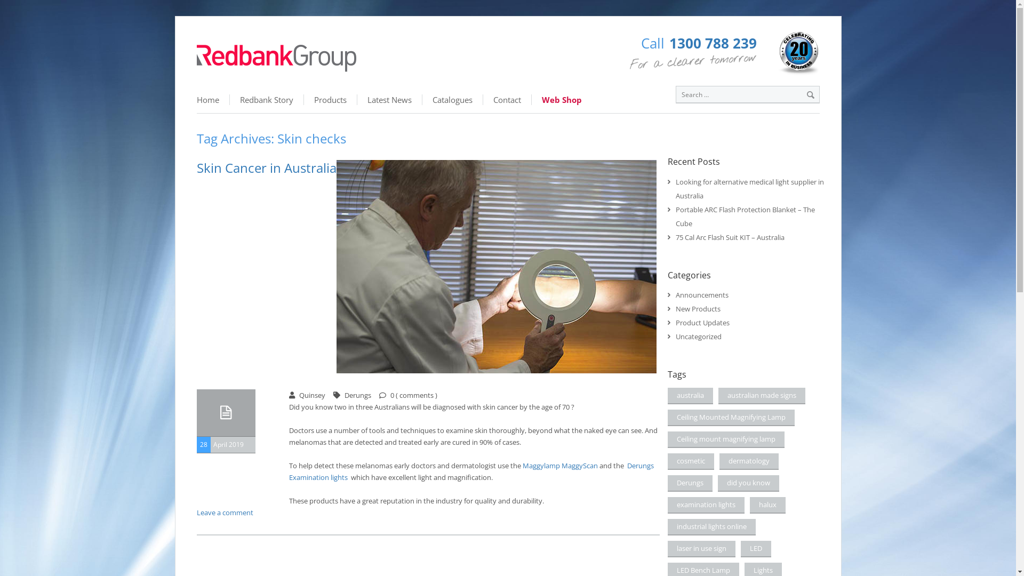  I want to click on 'dermatology', so click(748, 461).